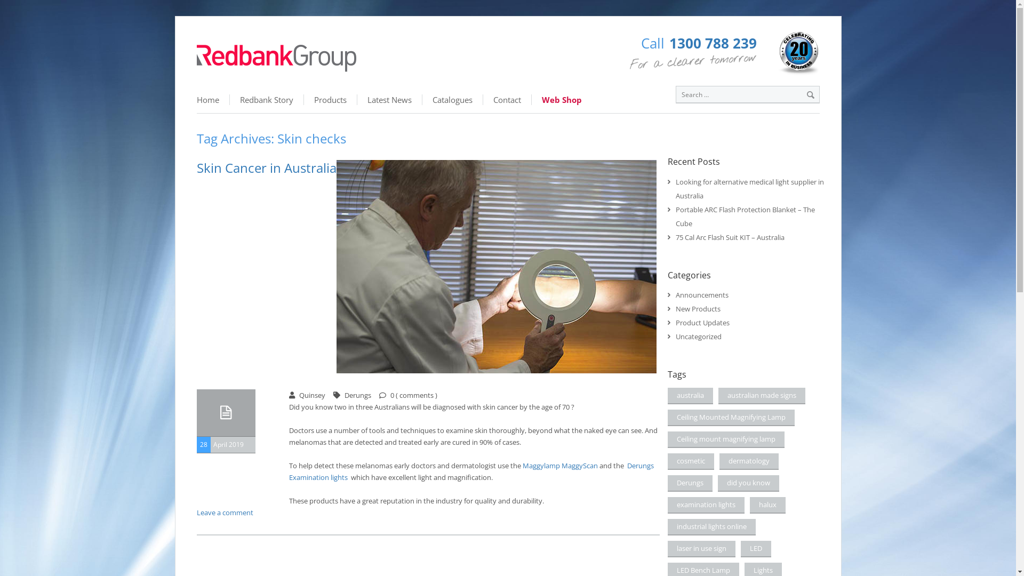  I want to click on 'dermatology', so click(748, 461).